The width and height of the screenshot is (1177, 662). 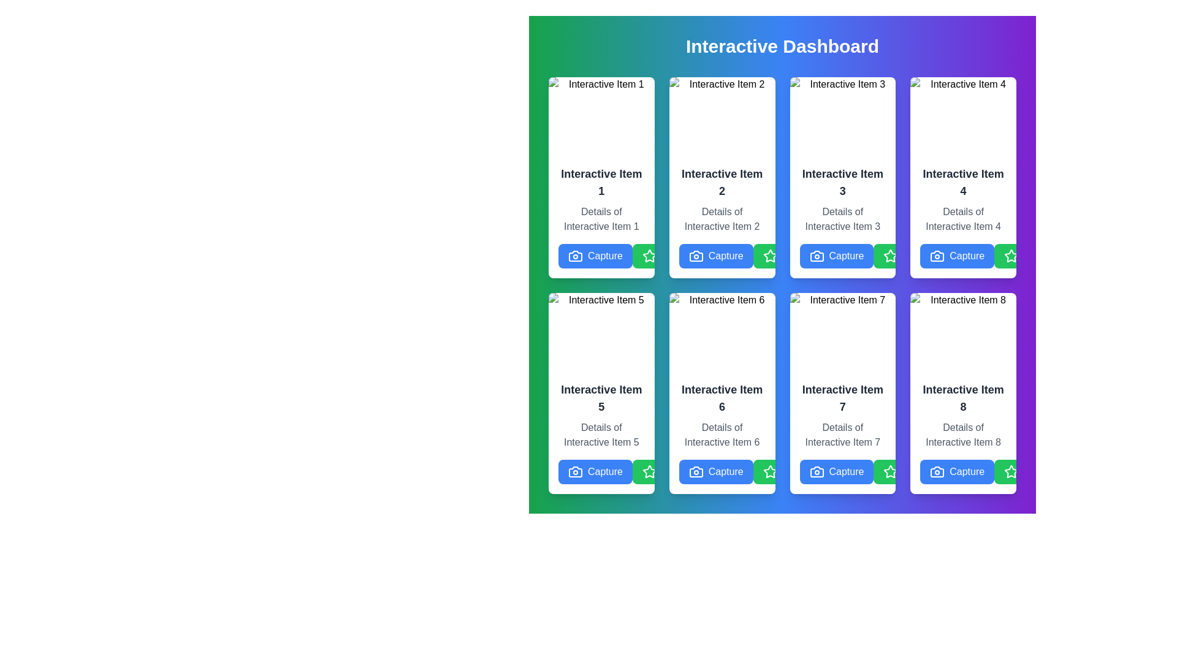 I want to click on the capture icon located within the 'Capture' button of the seventh item in the grid layout, positioned slightly to the left of the text, so click(x=817, y=471).